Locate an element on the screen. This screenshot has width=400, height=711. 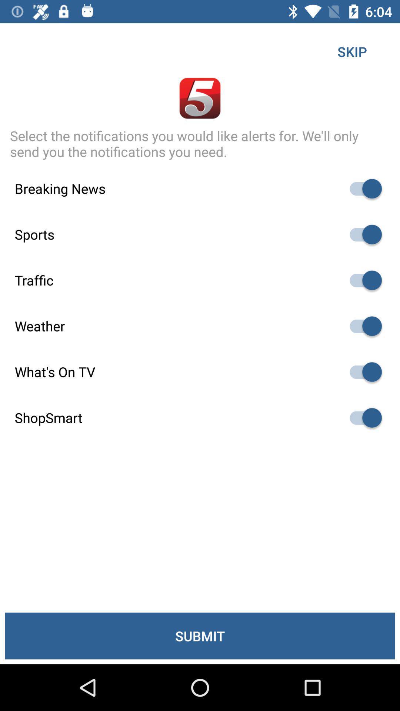
shop is located at coordinates (362, 418).